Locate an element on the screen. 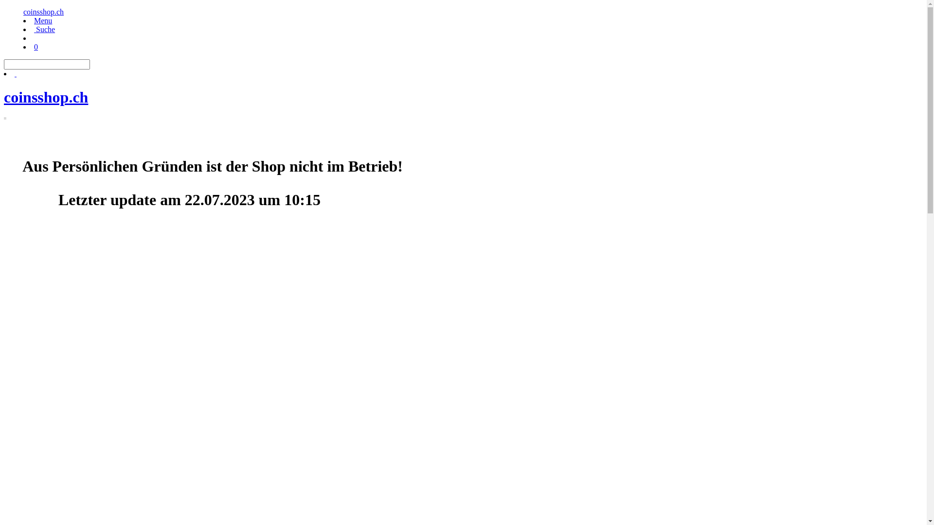  ' ' is located at coordinates (16, 73).